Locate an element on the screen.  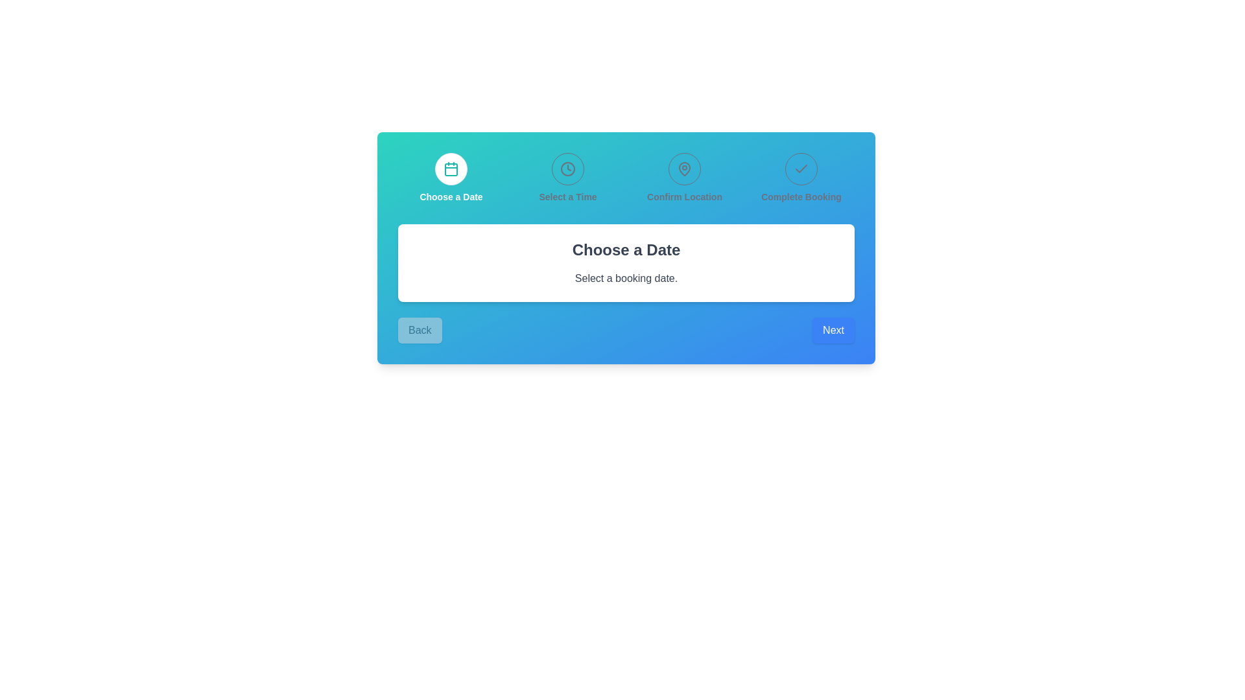
the clock icon representing the 'Select a Time' step in the booking process, located at the center of its bounding box is located at coordinates (567, 169).